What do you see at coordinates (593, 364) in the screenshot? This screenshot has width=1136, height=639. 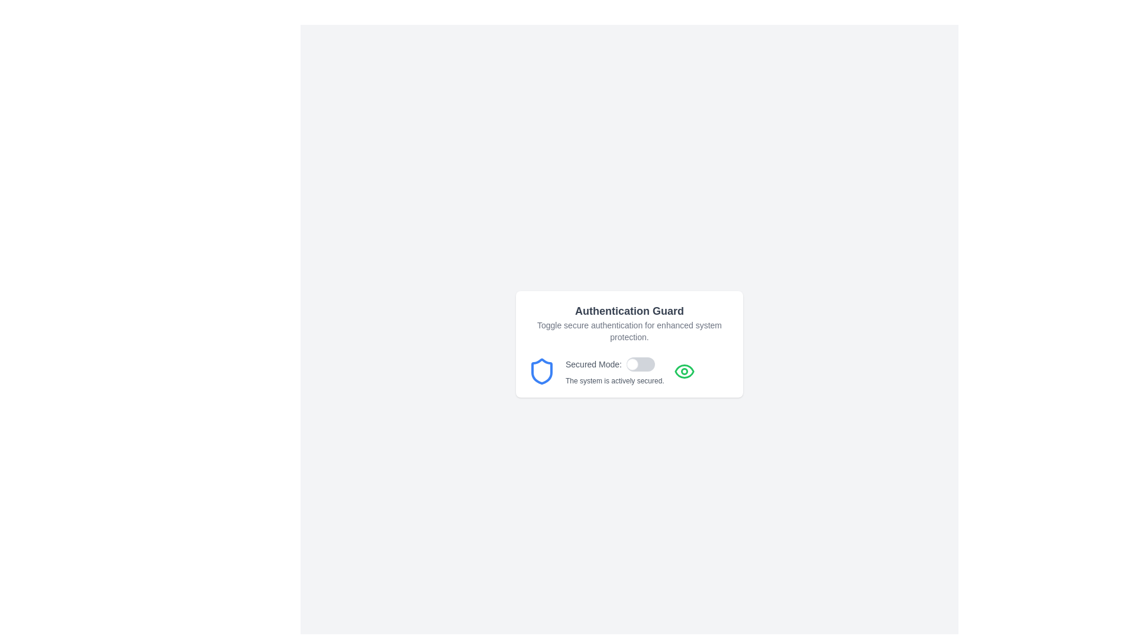 I see `the Text label displaying 'Secured Mode:' styled with a small gray font, located to the left of an interactive checkbox and adjacent to a shield icon` at bounding box center [593, 364].